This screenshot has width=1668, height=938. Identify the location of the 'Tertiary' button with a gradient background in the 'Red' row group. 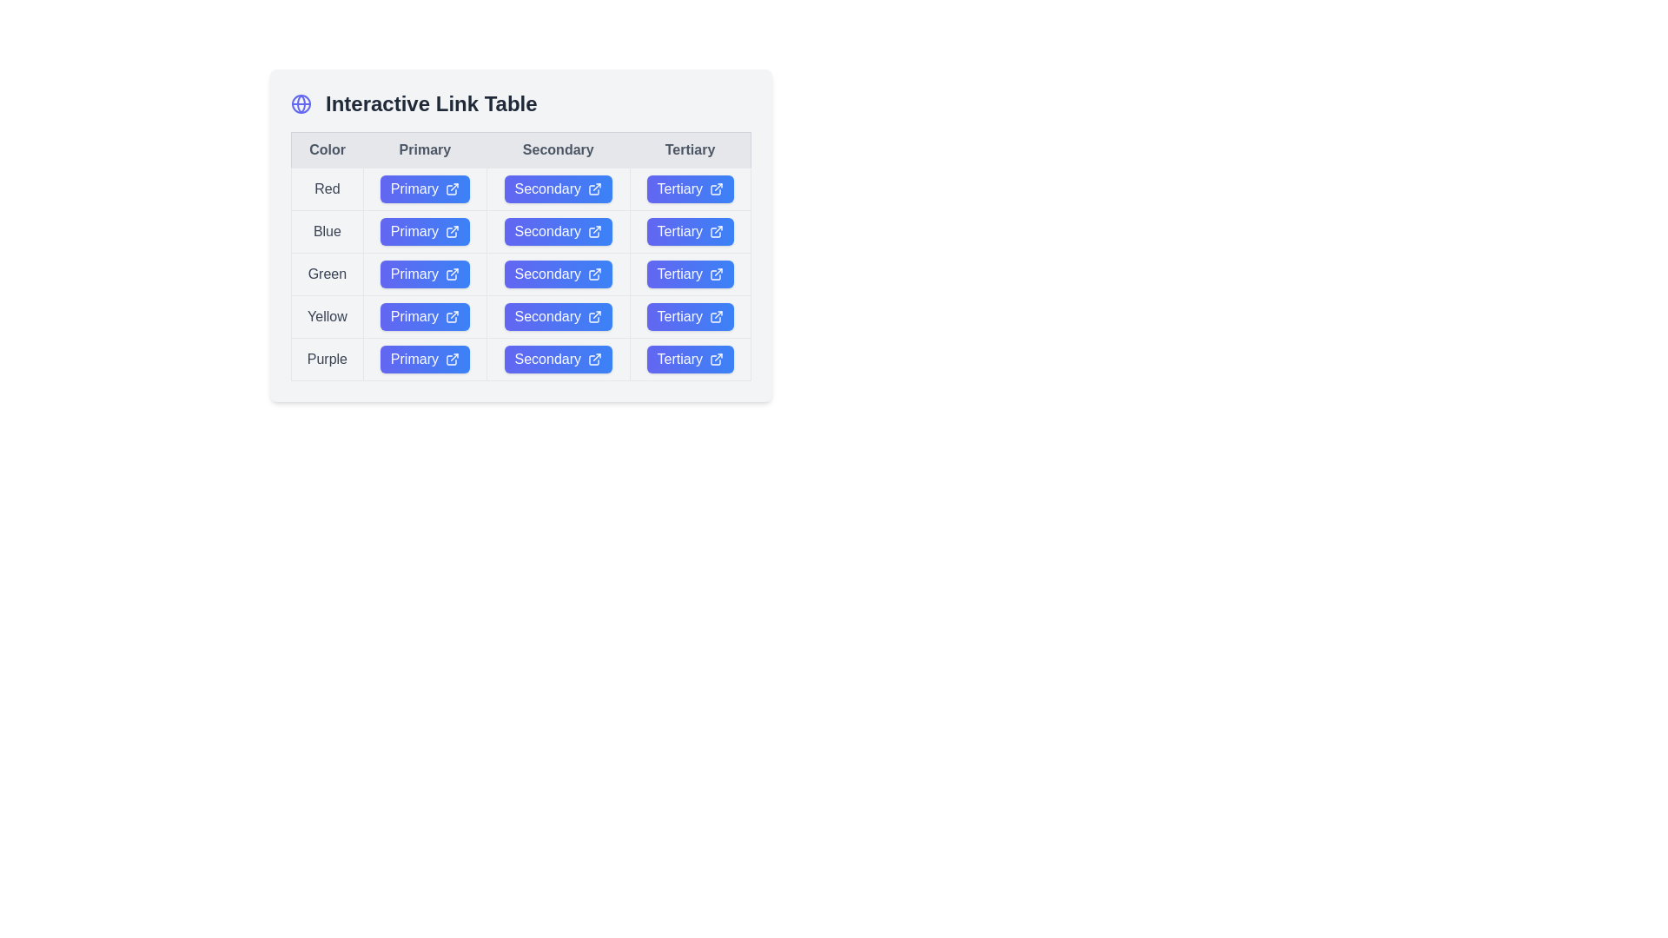
(689, 189).